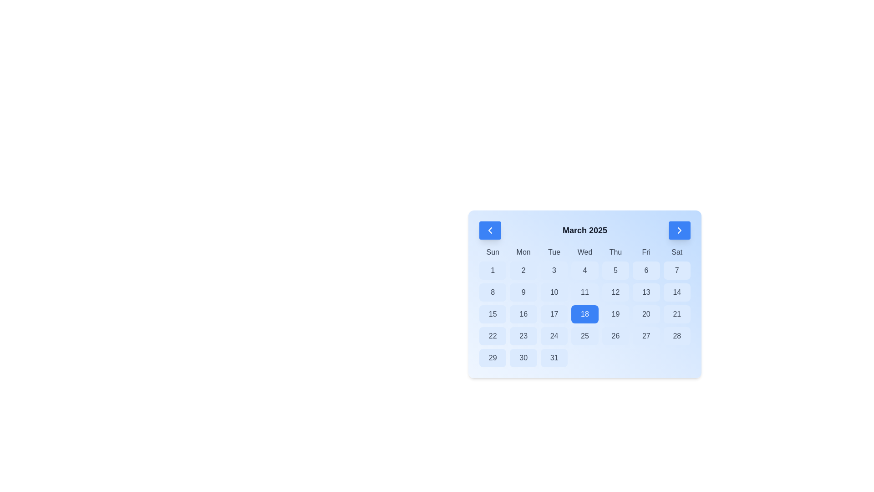  What do you see at coordinates (645, 252) in the screenshot?
I see `the text label displaying 'Fri', which is the sixth element in a row of days of the week, styled in medium gray within a grid layout` at bounding box center [645, 252].